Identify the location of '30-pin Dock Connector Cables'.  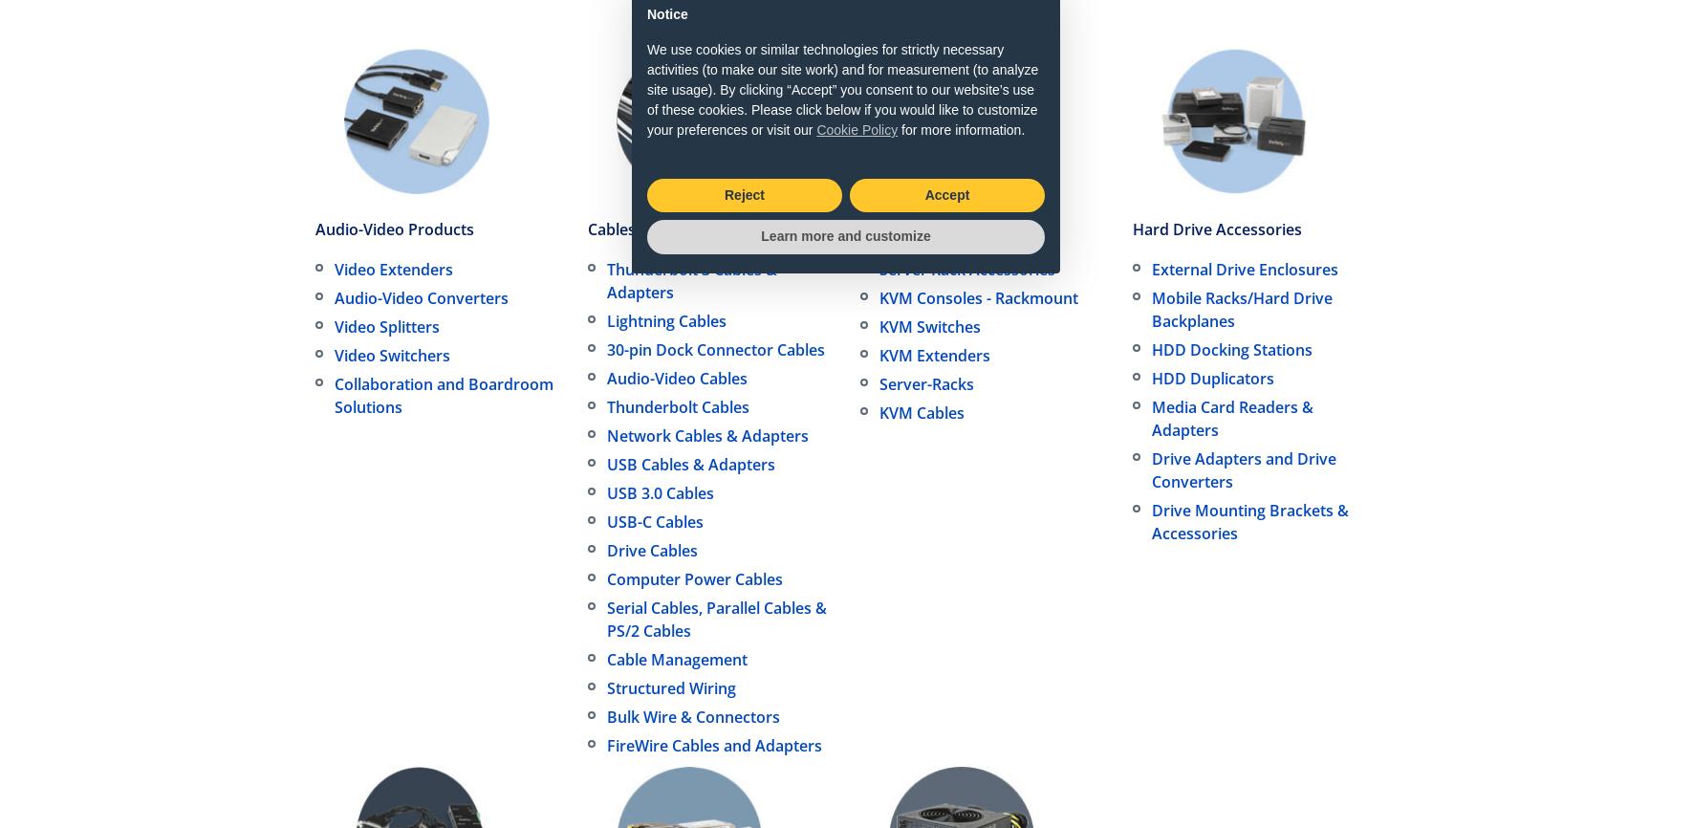
(716, 348).